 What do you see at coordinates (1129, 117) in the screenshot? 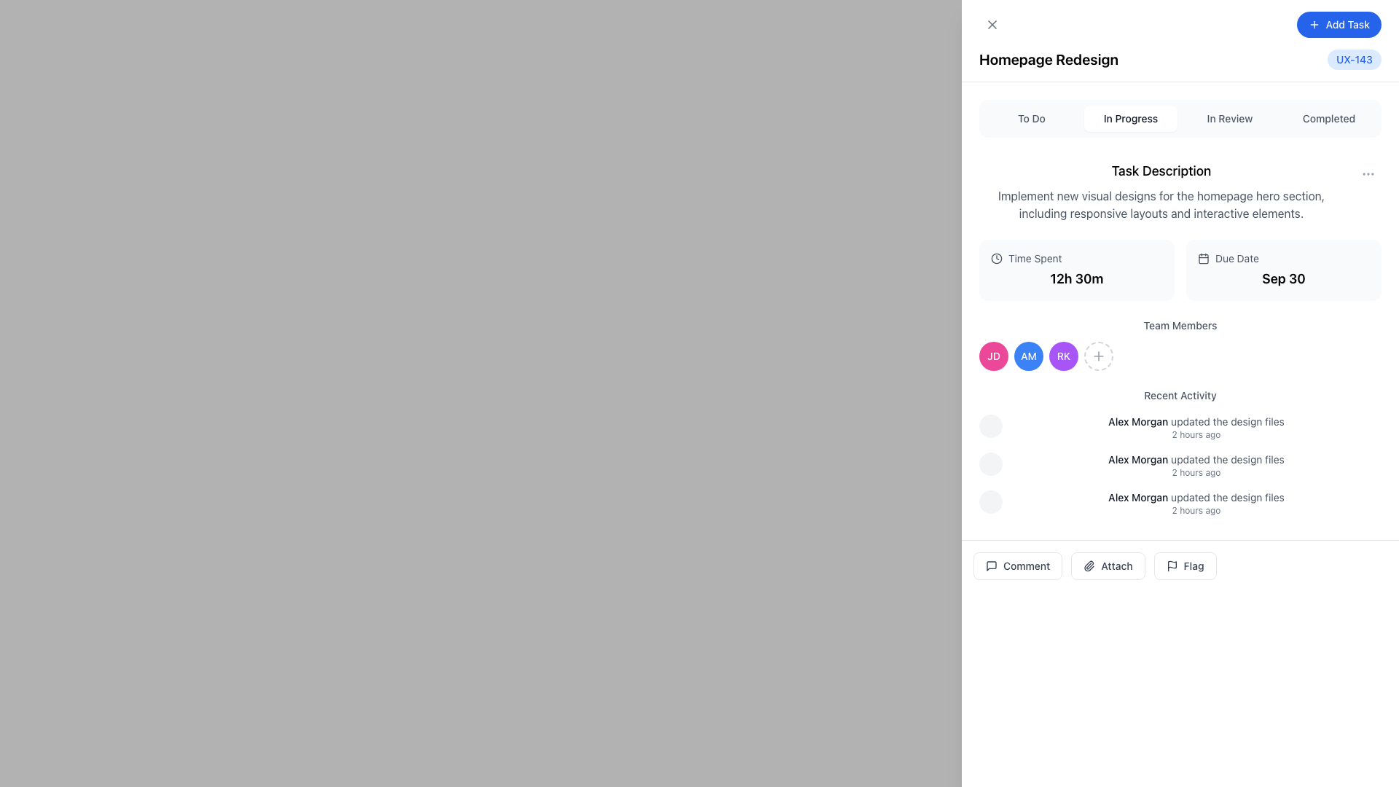
I see `the 'In Progress' button, which is a rectangular button with a light gray background and bold black text, located in the center top region of the content area` at bounding box center [1129, 117].